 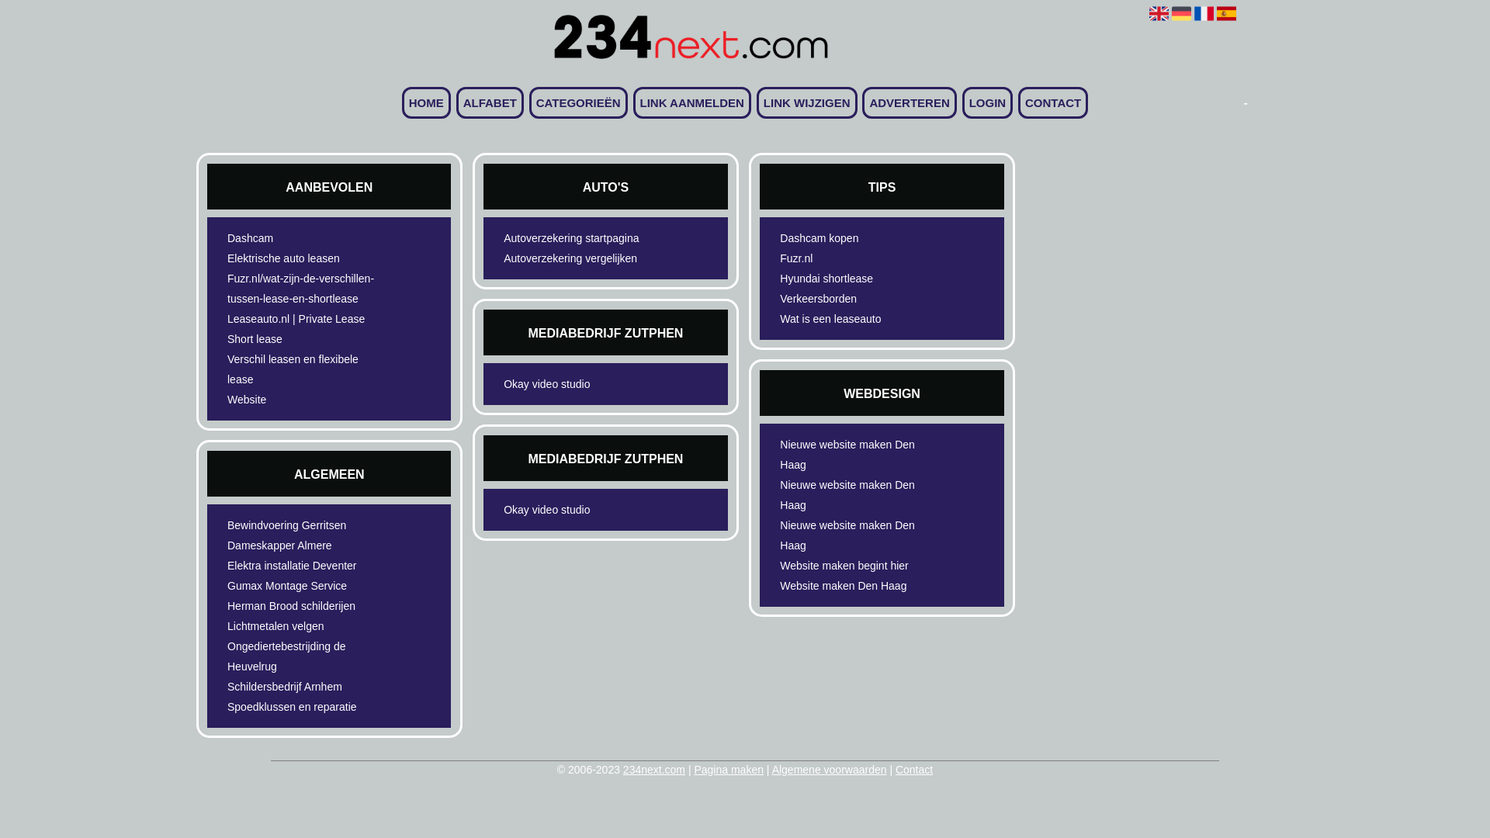 What do you see at coordinates (728, 769) in the screenshot?
I see `'Pagina maken'` at bounding box center [728, 769].